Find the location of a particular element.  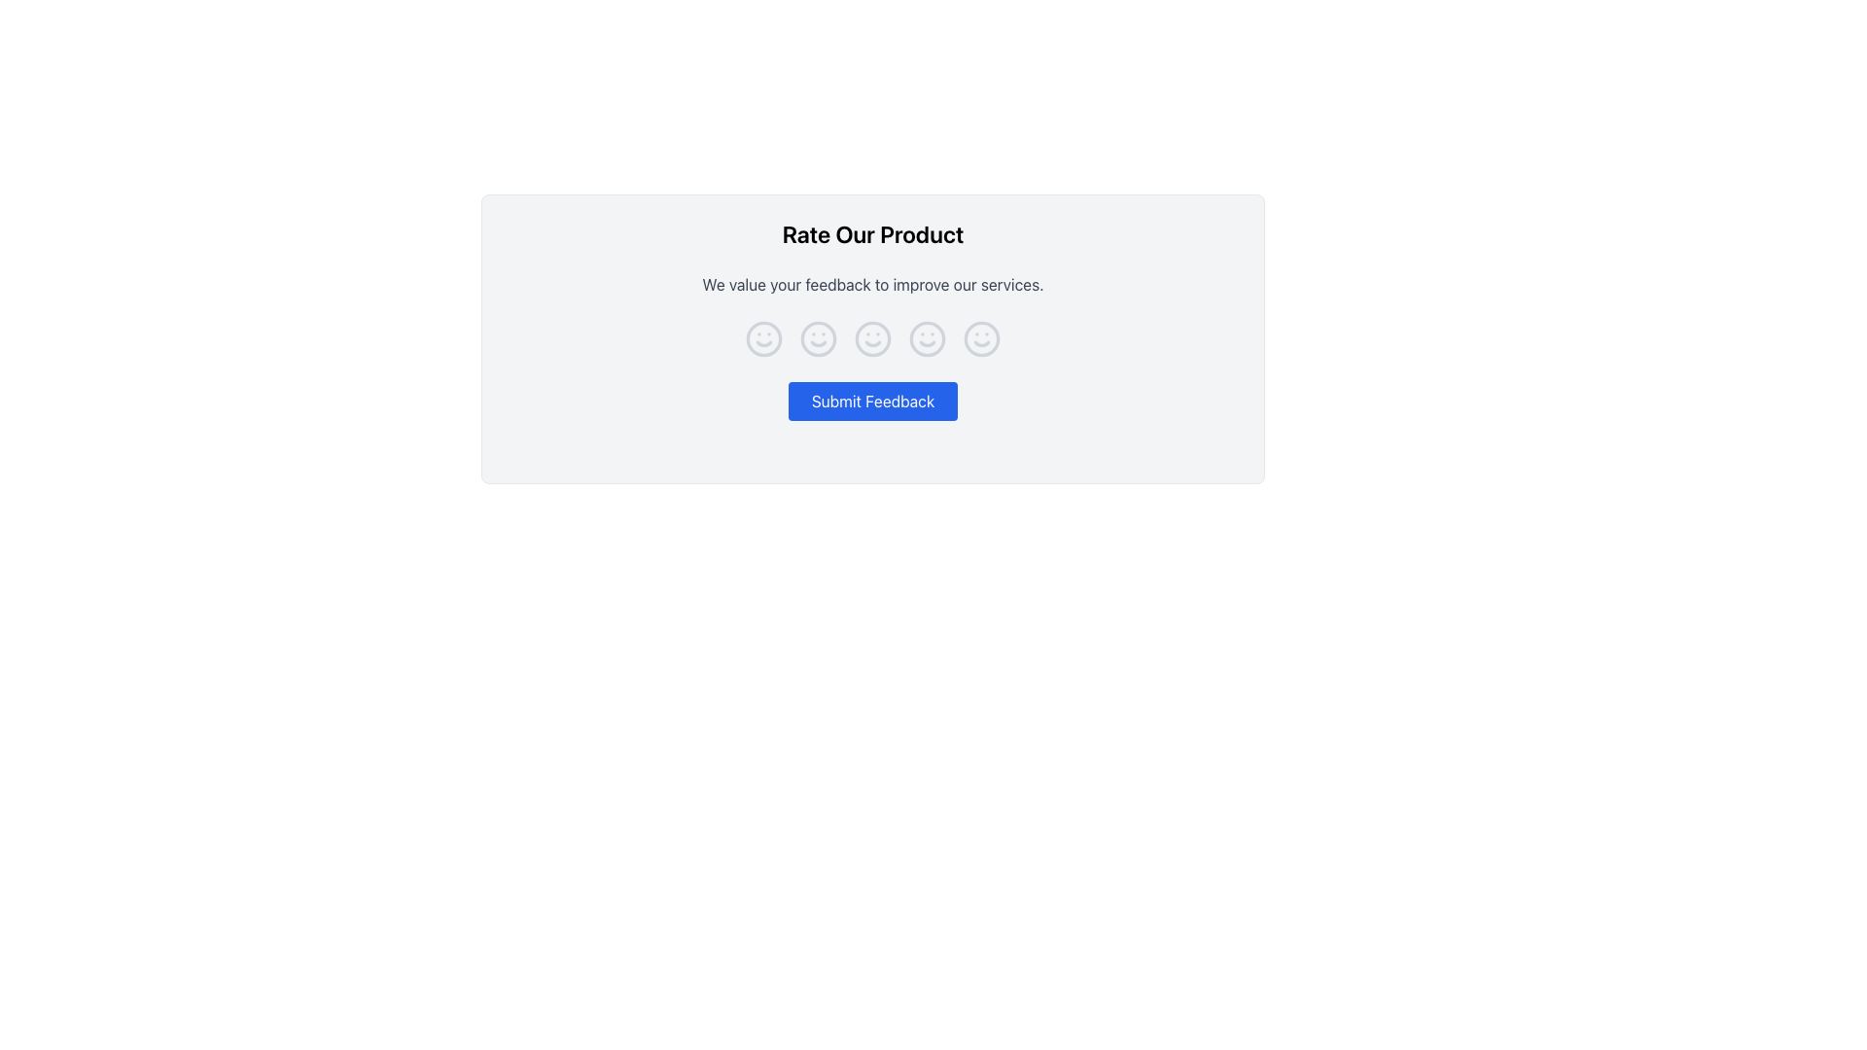

the neutral facial expression rating button, which is the third button in a horizontal group of smiley face buttons, located below the feedback text and above the submit button is located at coordinates (871, 337).